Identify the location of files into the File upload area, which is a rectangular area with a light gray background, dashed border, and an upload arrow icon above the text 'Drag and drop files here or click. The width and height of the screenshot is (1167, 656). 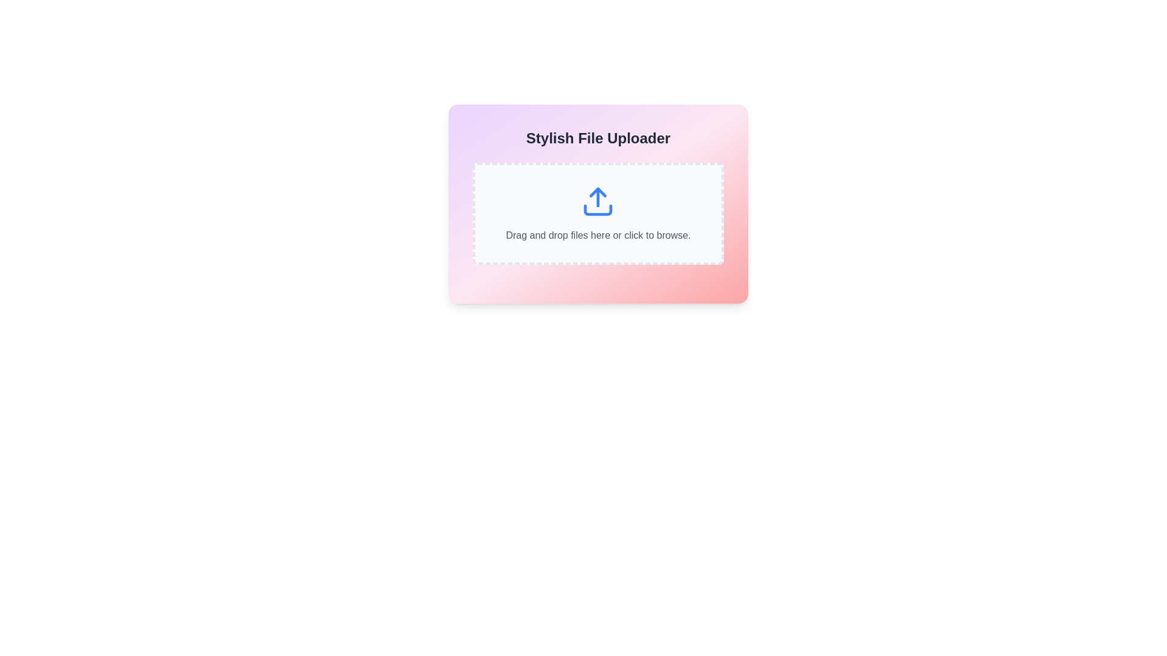
(598, 213).